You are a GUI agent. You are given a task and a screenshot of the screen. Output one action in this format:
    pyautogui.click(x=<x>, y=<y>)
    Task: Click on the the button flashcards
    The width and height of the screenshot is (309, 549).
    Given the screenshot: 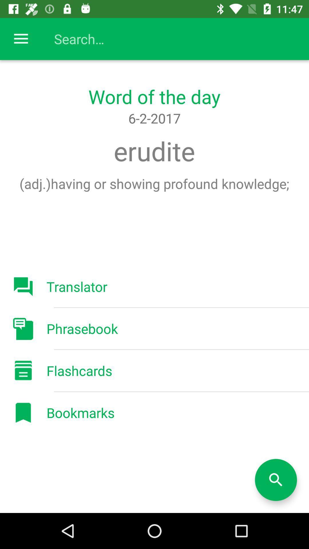 What is the action you would take?
    pyautogui.click(x=23, y=371)
    